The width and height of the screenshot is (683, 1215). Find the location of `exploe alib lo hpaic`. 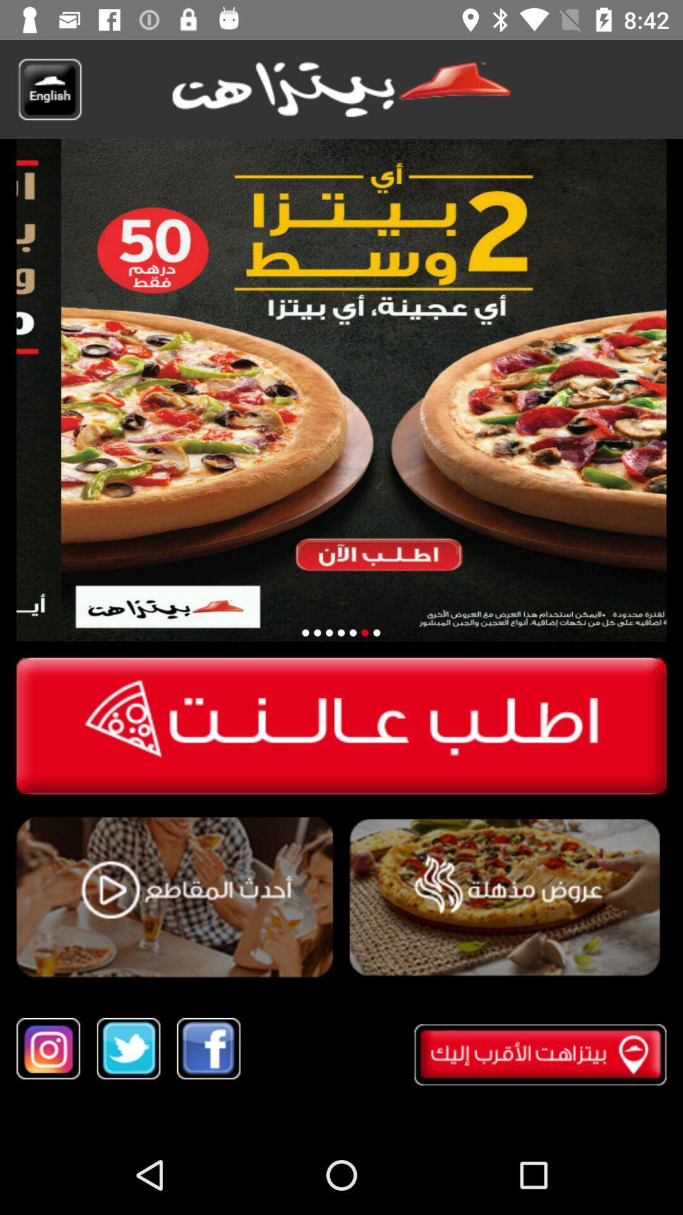

exploe alib lo hpaic is located at coordinates (504, 897).